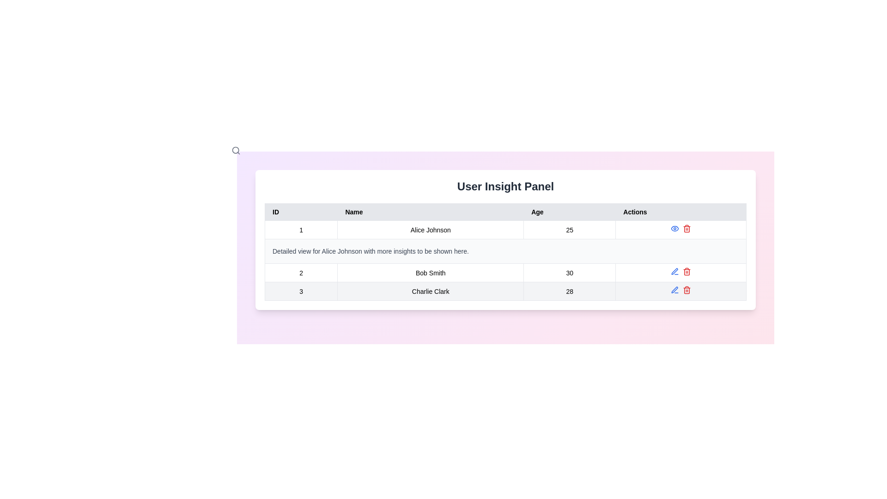 The width and height of the screenshot is (887, 499). What do you see at coordinates (680, 229) in the screenshot?
I see `the red trash bin icon in the 'Actions' column of the first row` at bounding box center [680, 229].